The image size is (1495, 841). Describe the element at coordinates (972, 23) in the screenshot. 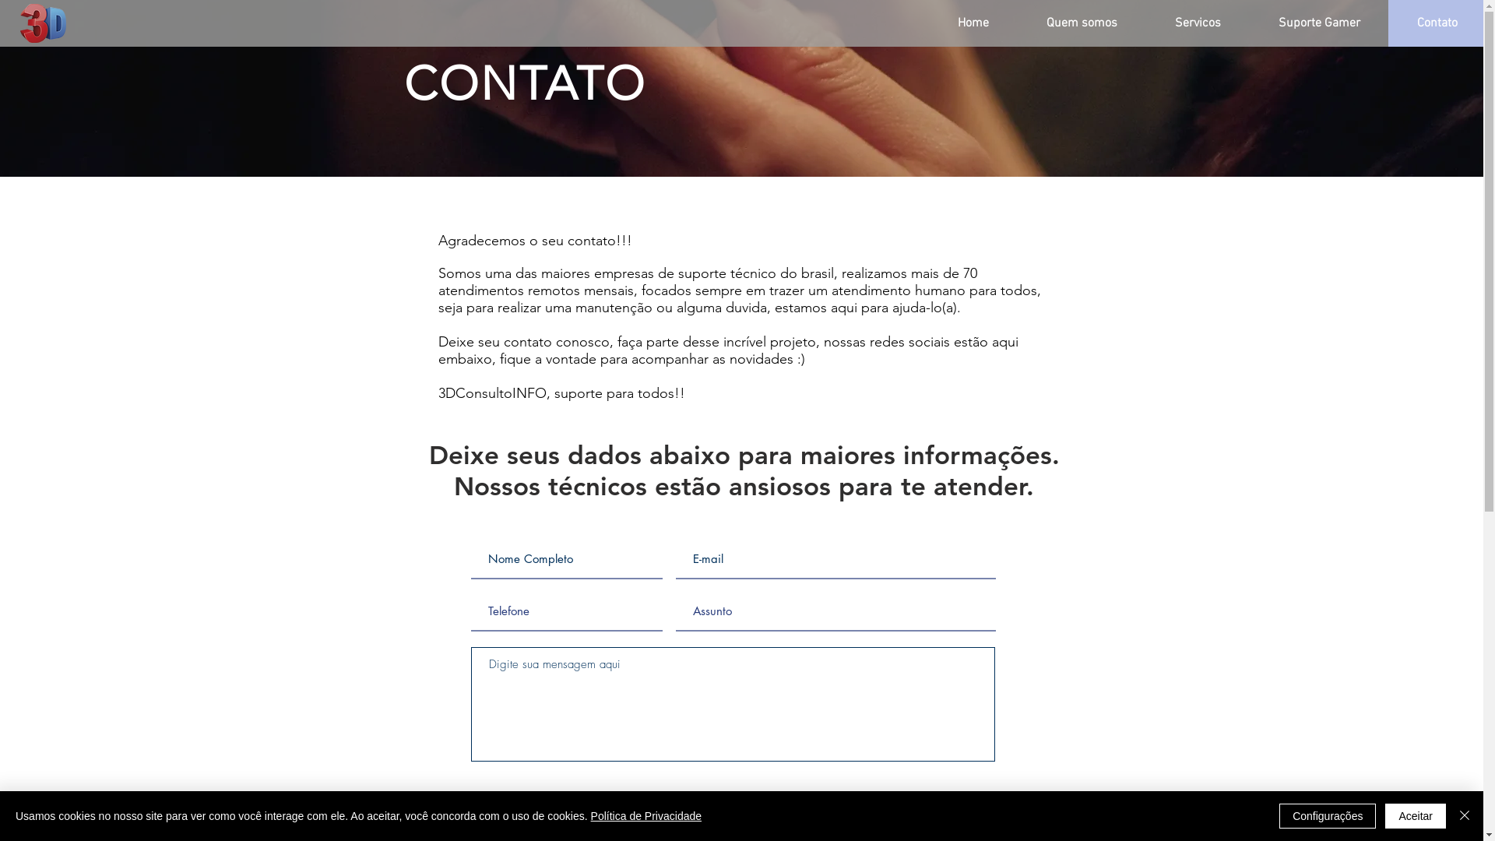

I see `'Home'` at that location.